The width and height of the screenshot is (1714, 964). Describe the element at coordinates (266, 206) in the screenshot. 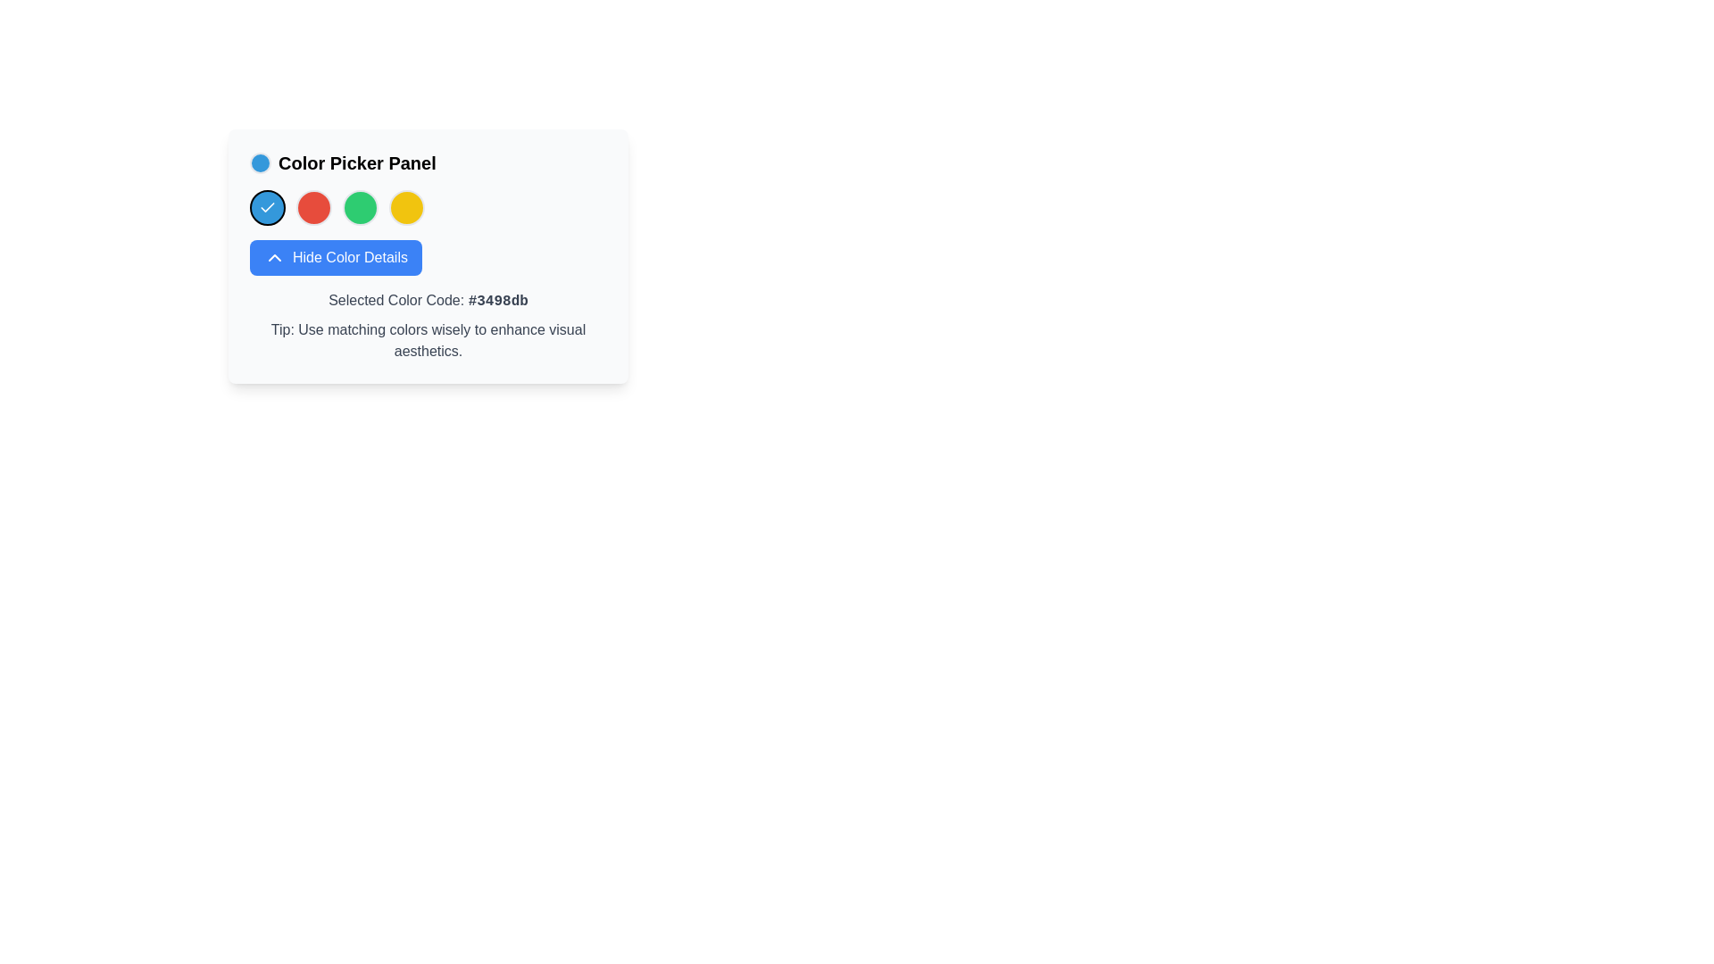

I see `the circular blue button with a black border and a white checkmark icon` at that location.